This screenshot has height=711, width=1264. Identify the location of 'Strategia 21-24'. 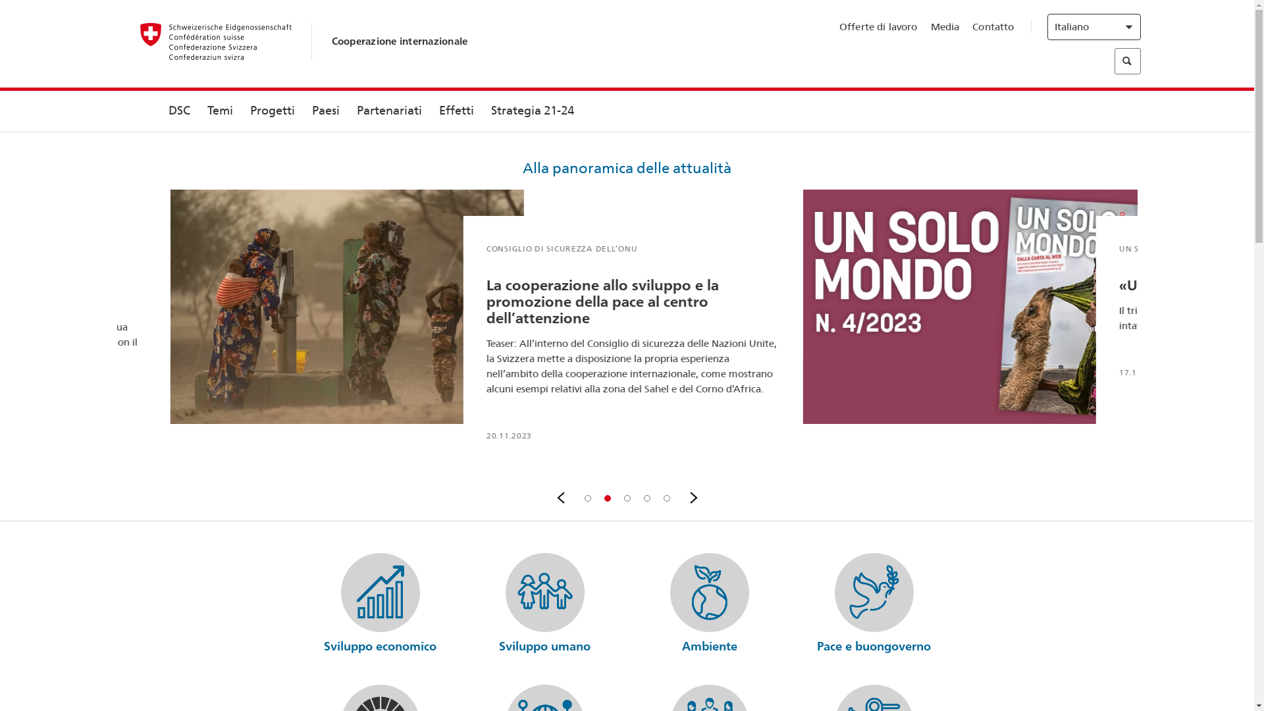
(531, 111).